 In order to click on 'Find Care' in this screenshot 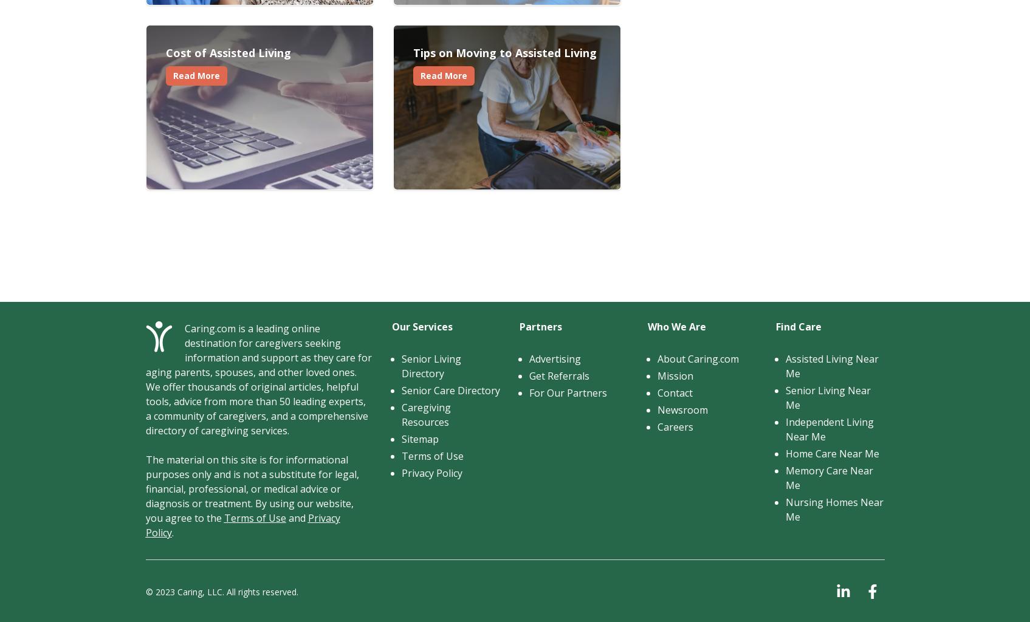, I will do `click(798, 327)`.